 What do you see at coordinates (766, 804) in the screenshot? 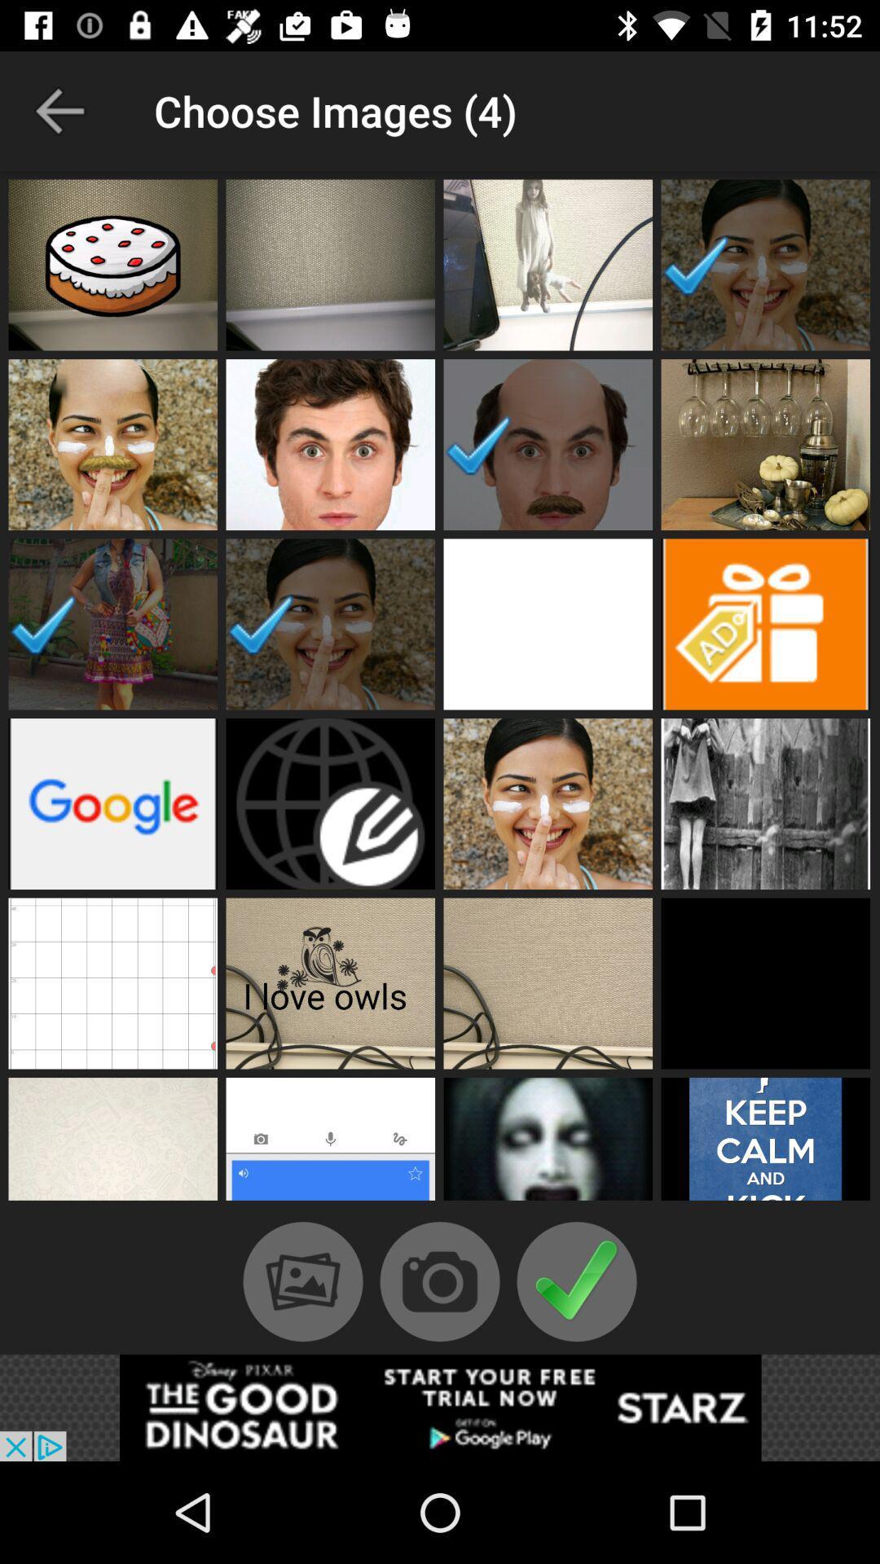
I see `the 4th image in the 4th row` at bounding box center [766, 804].